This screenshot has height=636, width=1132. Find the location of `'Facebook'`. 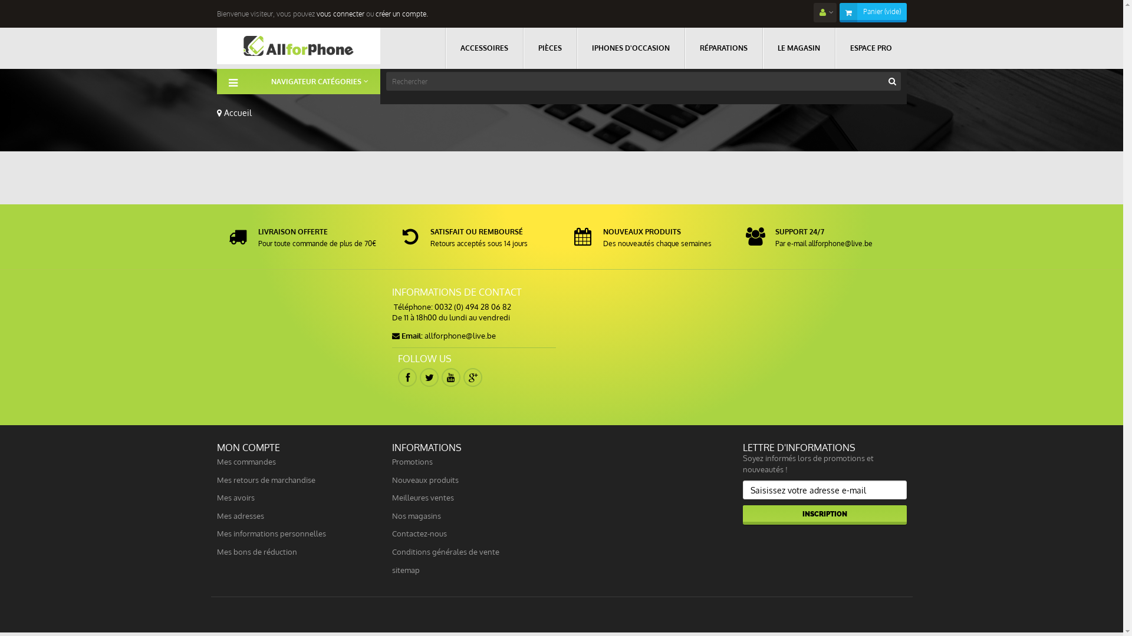

'Facebook' is located at coordinates (407, 377).